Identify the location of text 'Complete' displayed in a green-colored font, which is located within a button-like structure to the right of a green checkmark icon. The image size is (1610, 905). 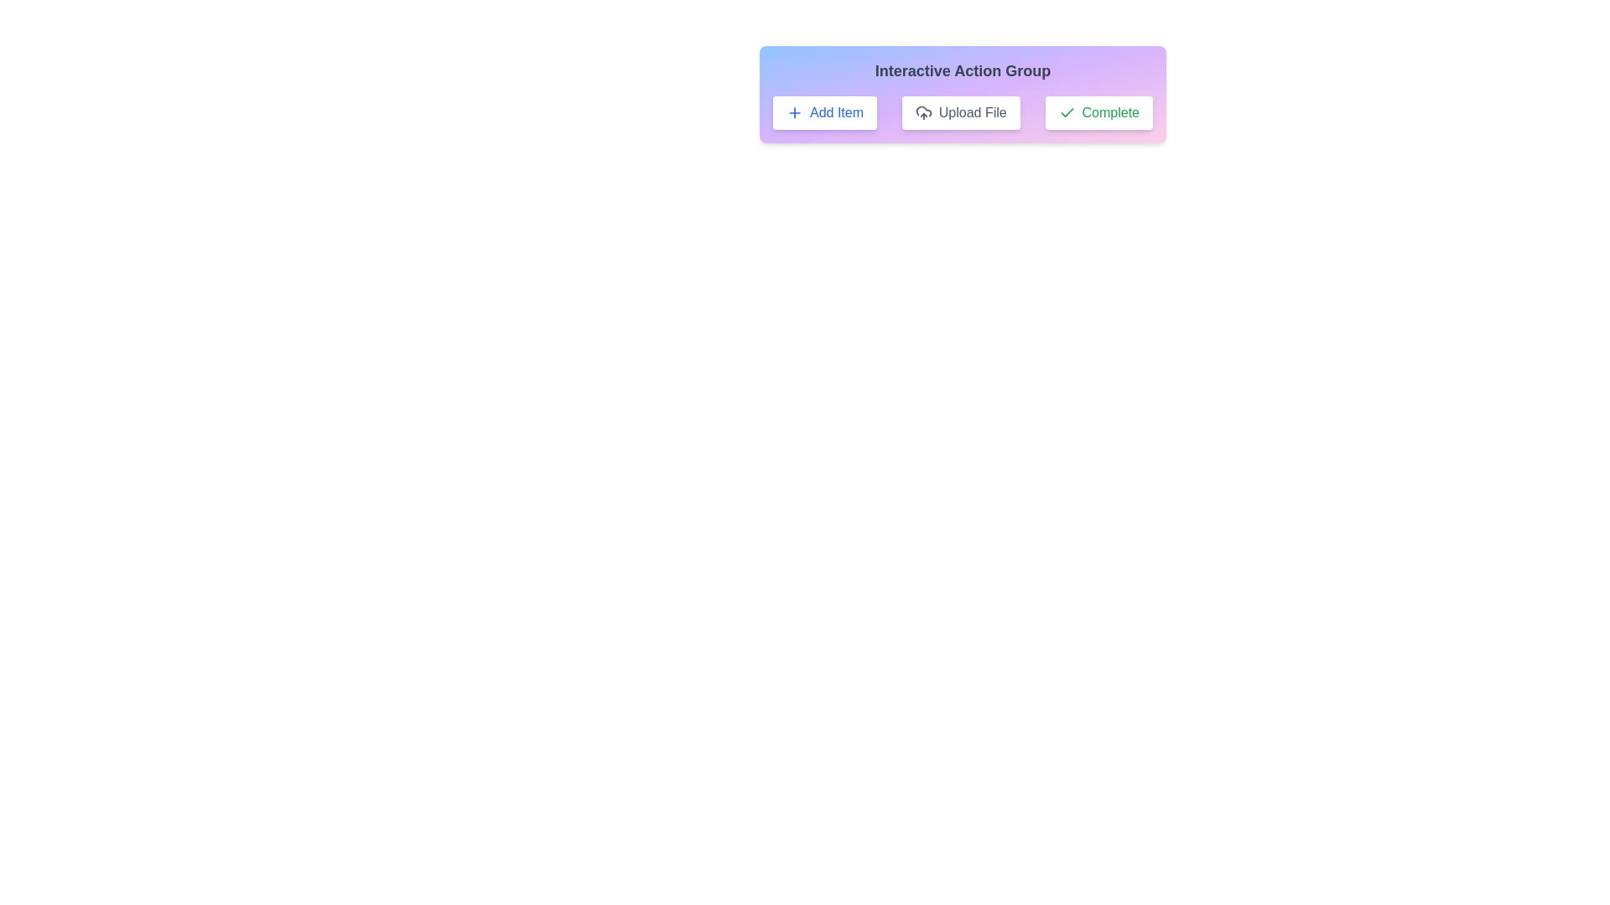
(1110, 113).